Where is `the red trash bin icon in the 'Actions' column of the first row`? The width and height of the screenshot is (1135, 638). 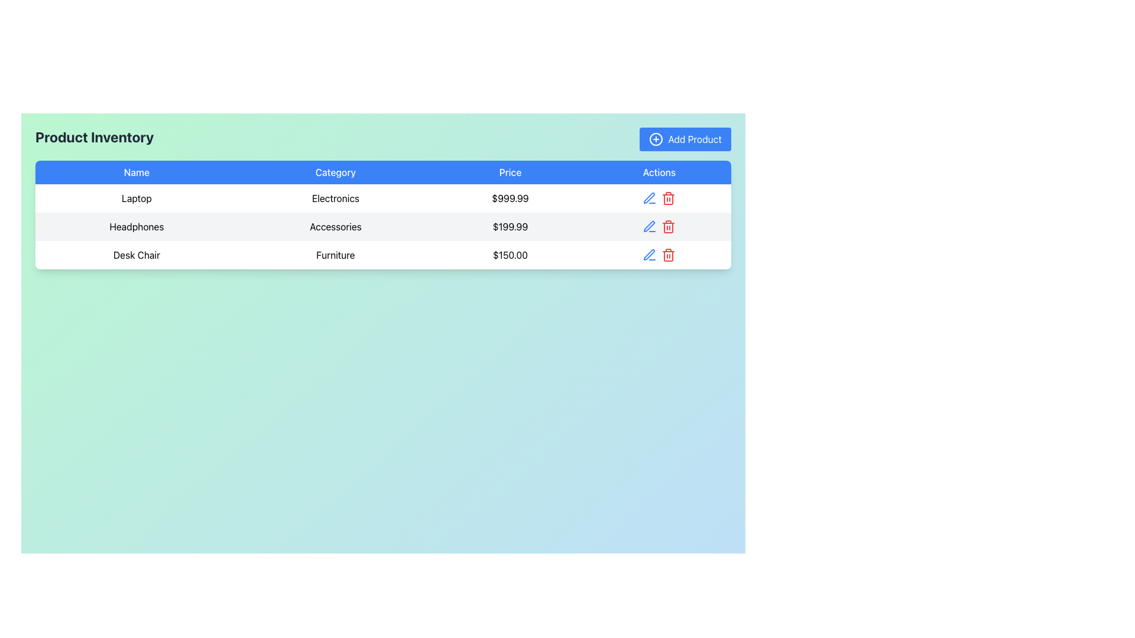
the red trash bin icon in the 'Actions' column of the first row is located at coordinates (659, 197).